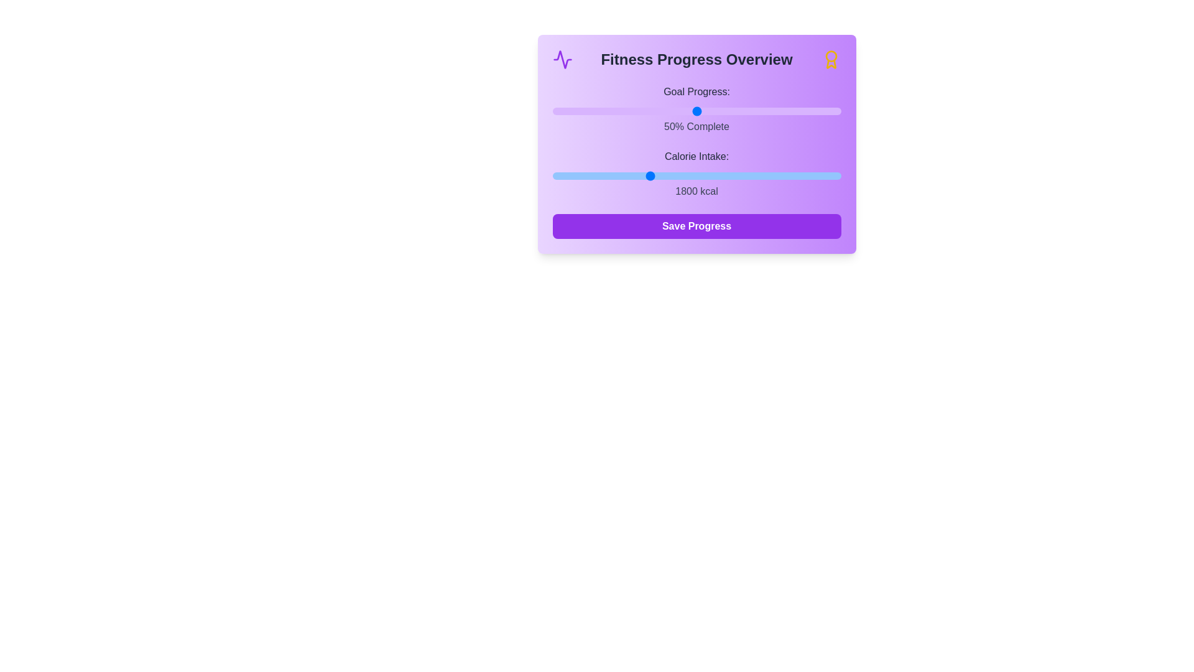 The width and height of the screenshot is (1194, 672). Describe the element at coordinates (696, 110) in the screenshot. I see `the range slider located underneath the text 'Goal Progress:' to set a value, currently at 50% progress` at that location.